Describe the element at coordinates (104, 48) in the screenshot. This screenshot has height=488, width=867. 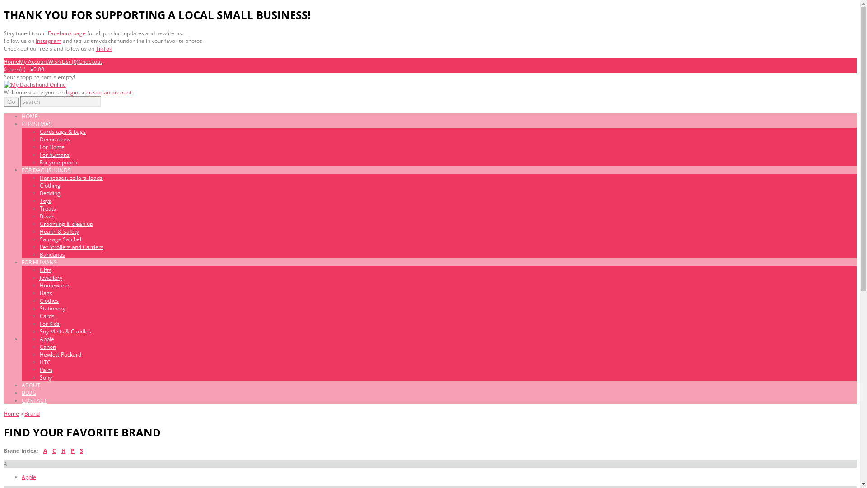
I see `'TikTok'` at that location.